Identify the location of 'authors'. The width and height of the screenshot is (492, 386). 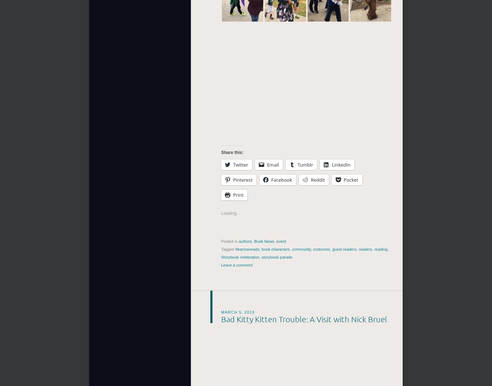
(245, 241).